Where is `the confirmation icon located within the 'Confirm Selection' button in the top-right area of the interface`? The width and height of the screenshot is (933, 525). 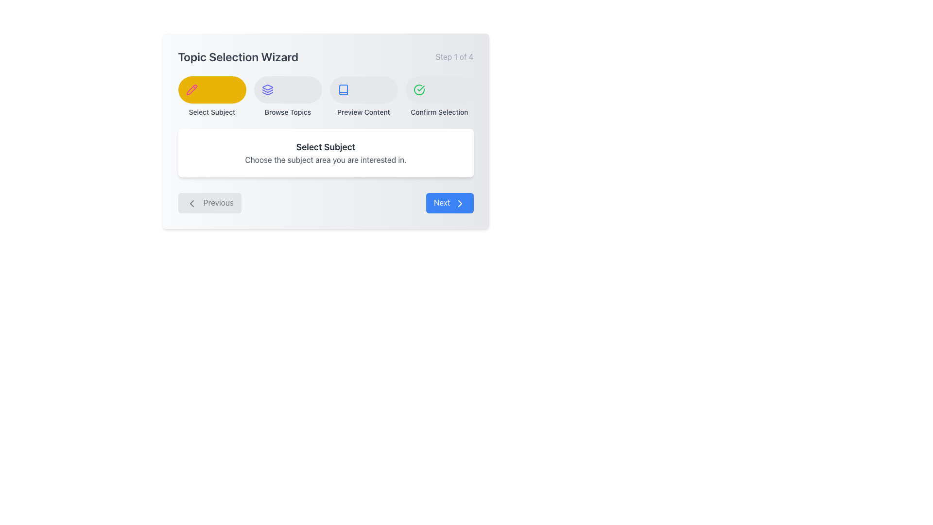
the confirmation icon located within the 'Confirm Selection' button in the top-right area of the interface is located at coordinates (419, 90).